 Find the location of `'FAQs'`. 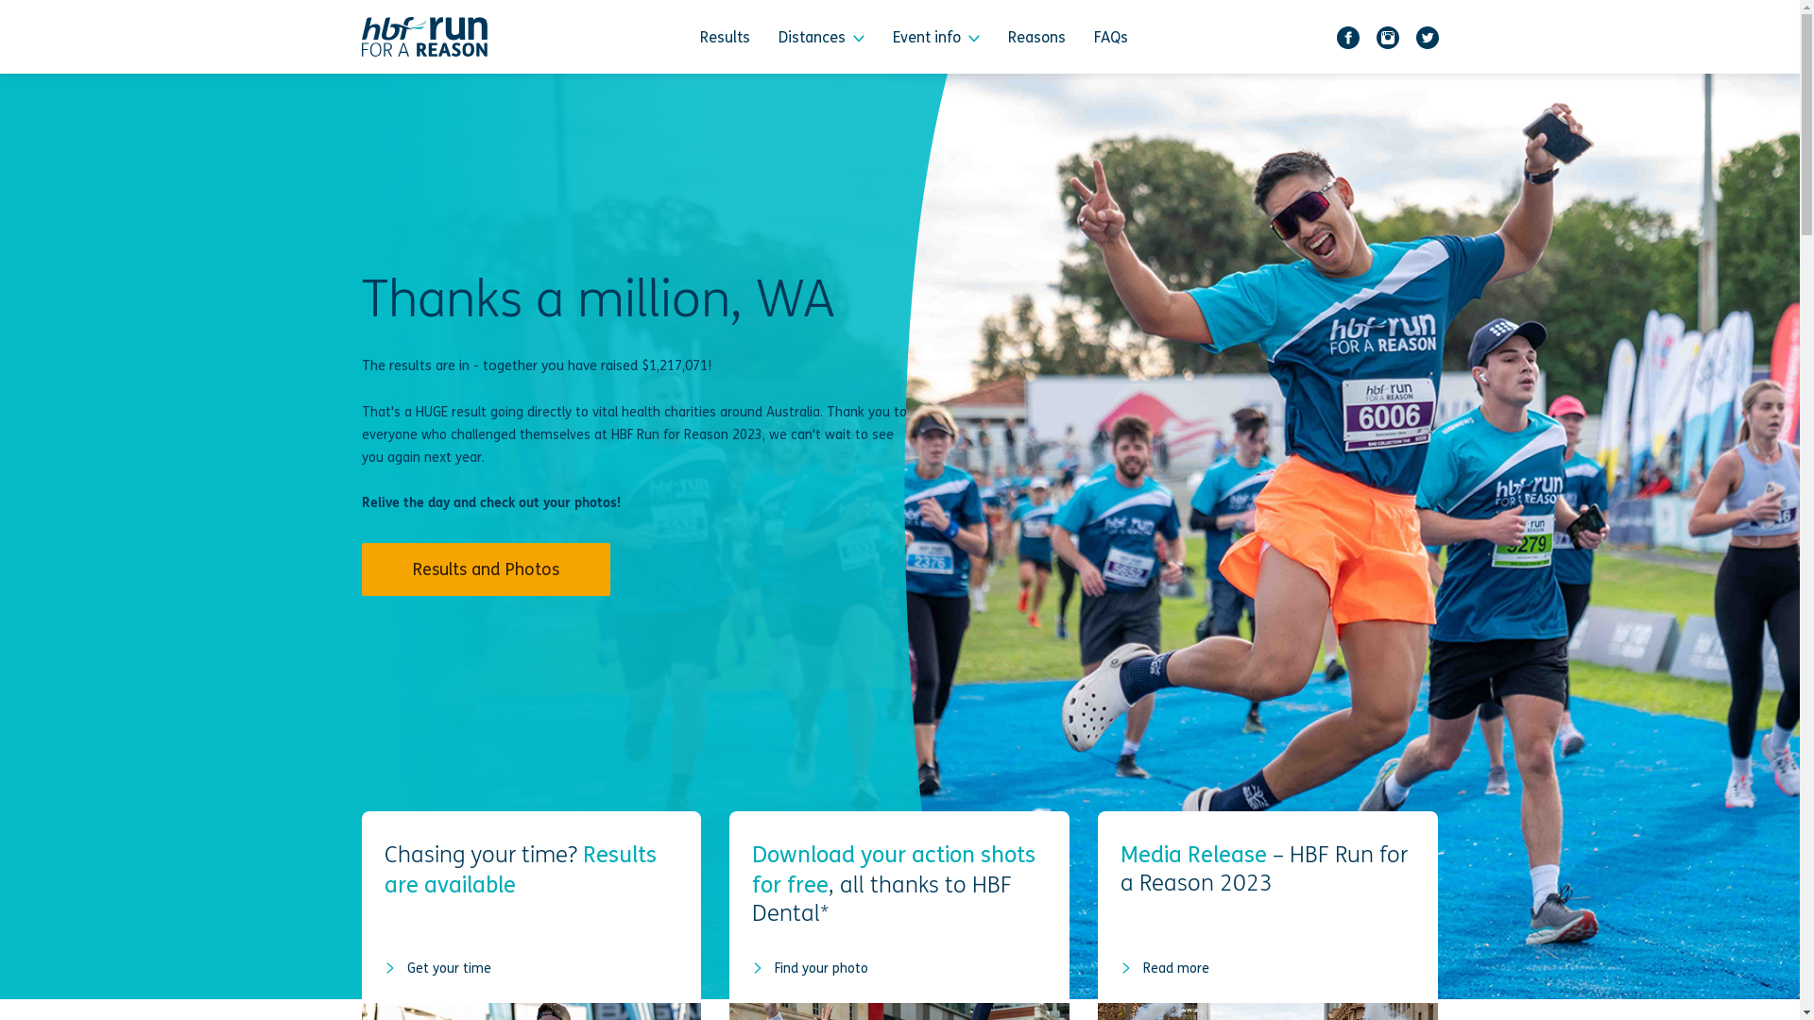

'FAQs' is located at coordinates (1111, 36).